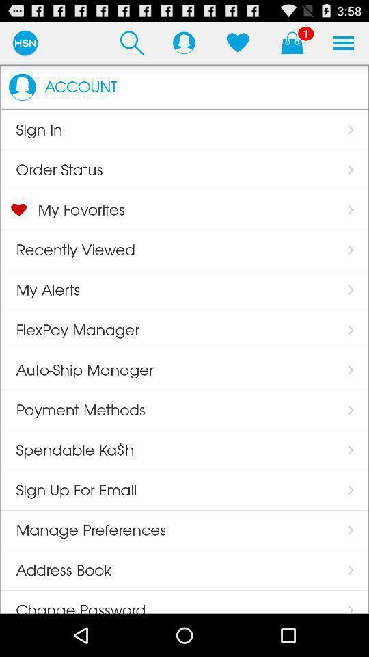  Describe the element at coordinates (66, 449) in the screenshot. I see `item above sign up for item` at that location.